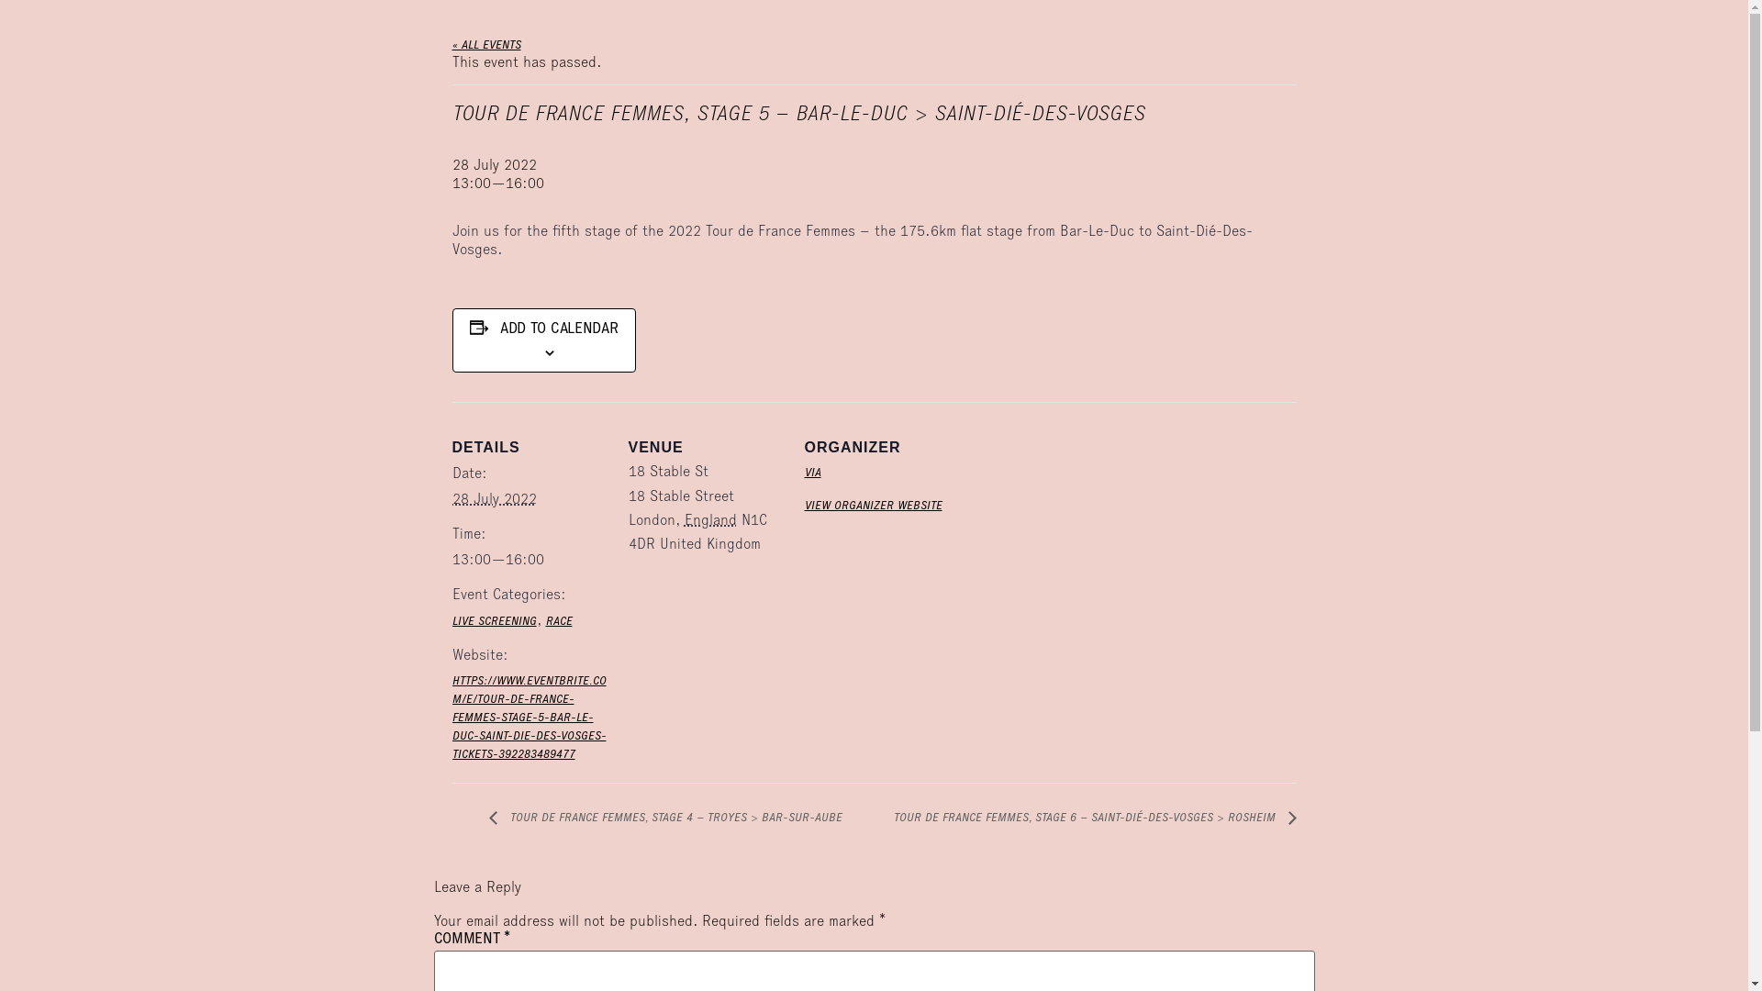 This screenshot has height=991, width=1762. I want to click on 'RACE', so click(557, 621).